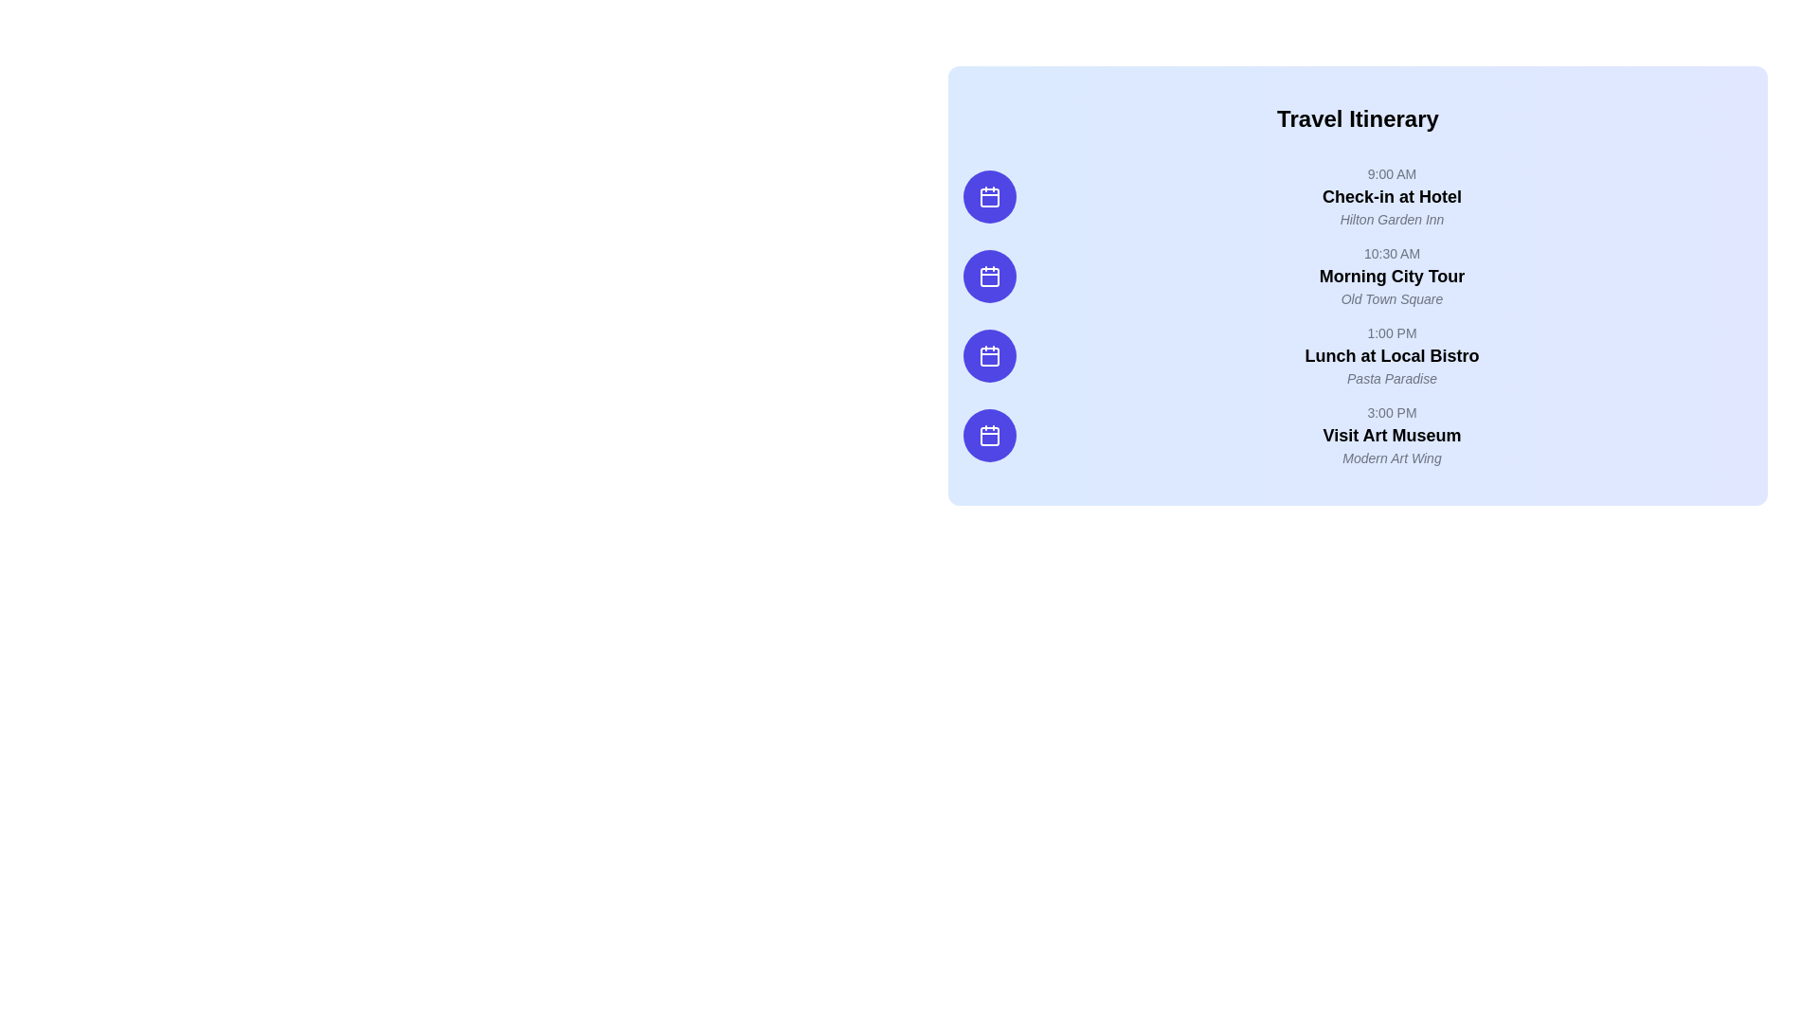  Describe the element at coordinates (1392, 458) in the screenshot. I see `the static text element that provides additional information about the 'Visit Art Museum' activity, located beneath the main title` at that location.